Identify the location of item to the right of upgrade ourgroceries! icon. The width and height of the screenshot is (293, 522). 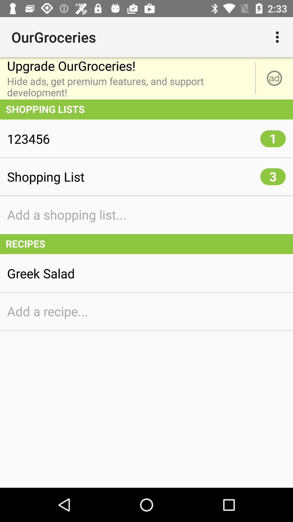
(279, 37).